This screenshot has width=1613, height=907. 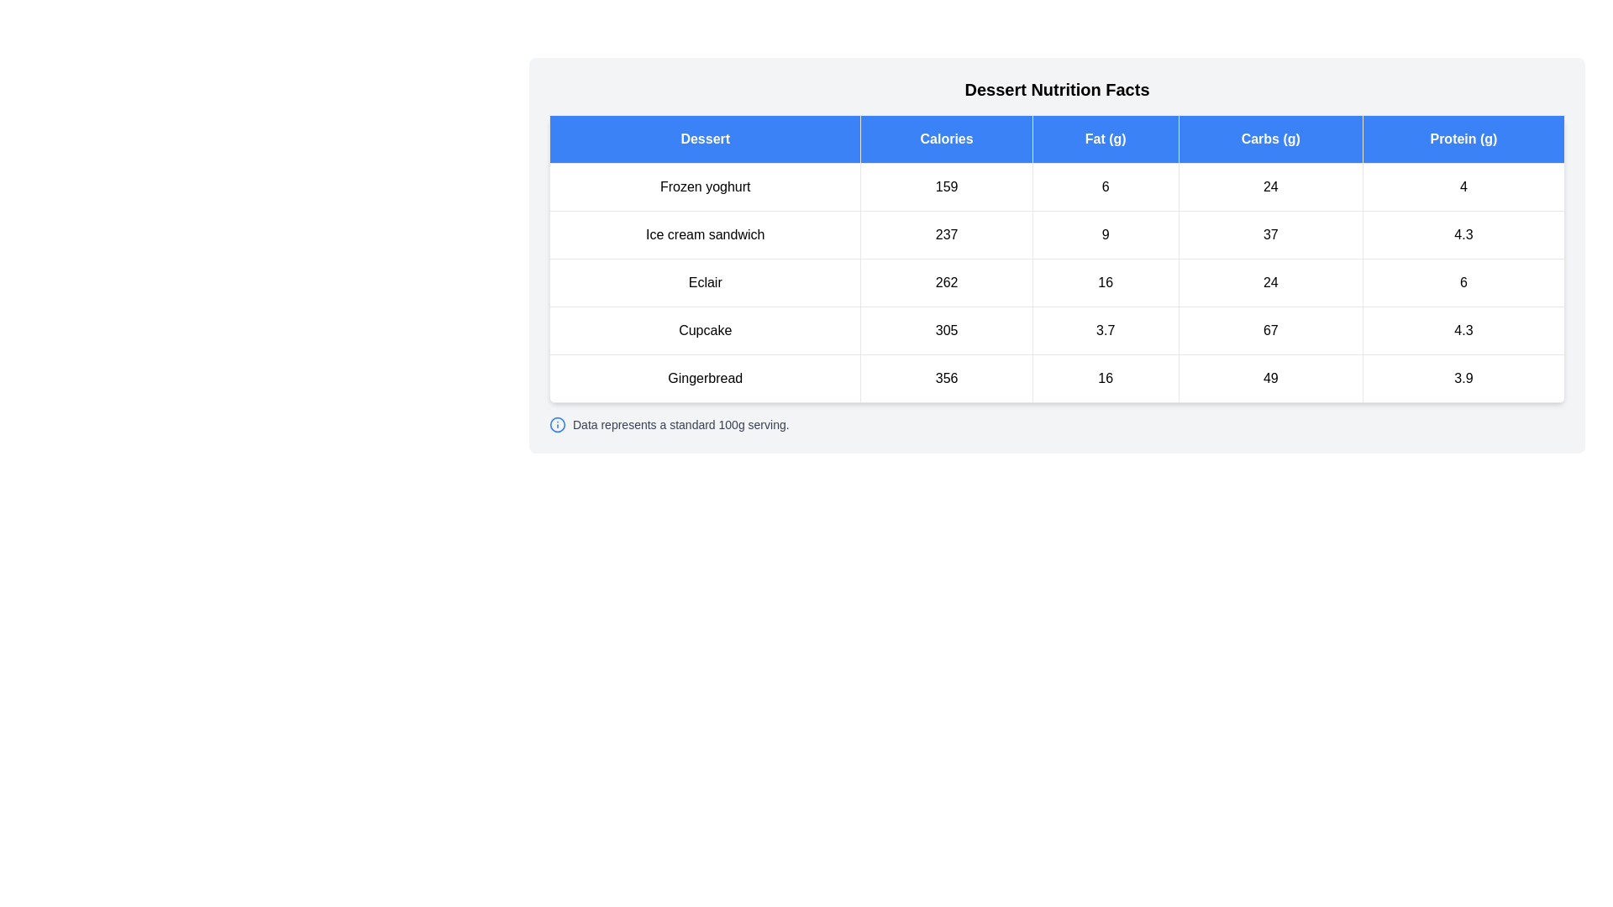 What do you see at coordinates (705, 330) in the screenshot?
I see `the text element corresponding to Cupcake` at bounding box center [705, 330].